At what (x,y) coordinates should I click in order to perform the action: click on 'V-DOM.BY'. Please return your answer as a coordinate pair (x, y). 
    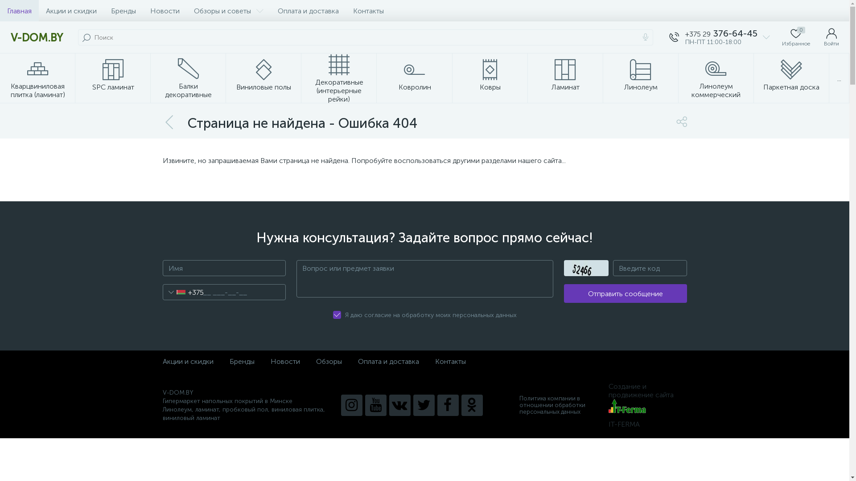
    Looking at the image, I should click on (36, 37).